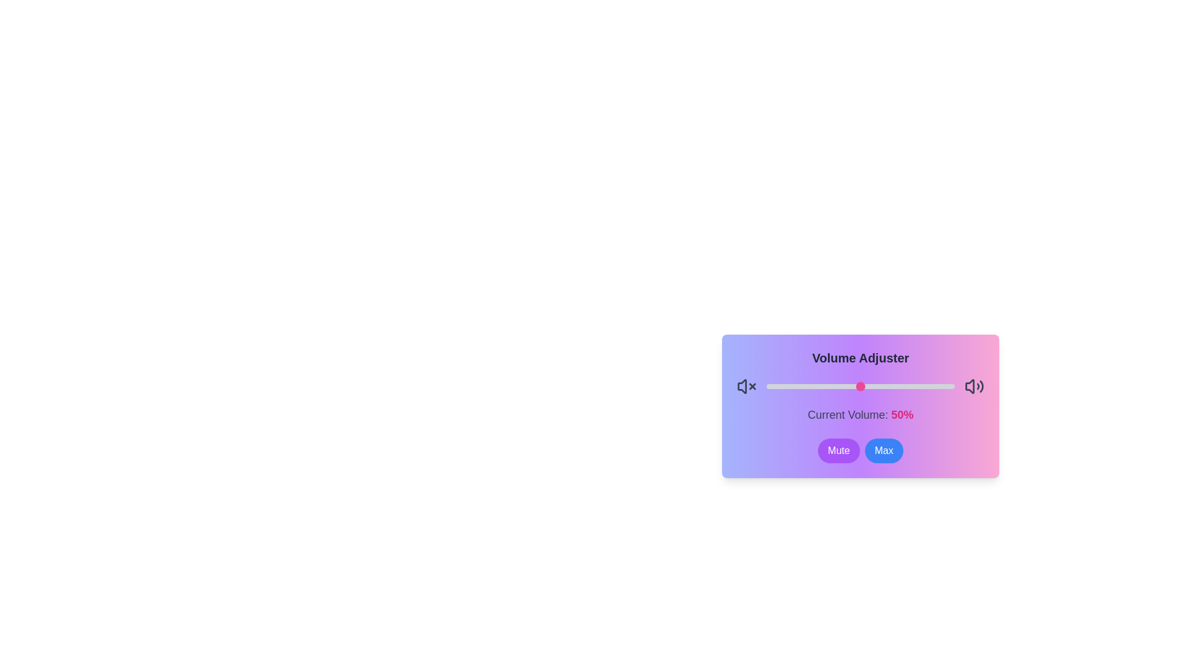 Image resolution: width=1188 pixels, height=668 pixels. What do you see at coordinates (838, 451) in the screenshot?
I see `the 'Mute' button to mute the volume` at bounding box center [838, 451].